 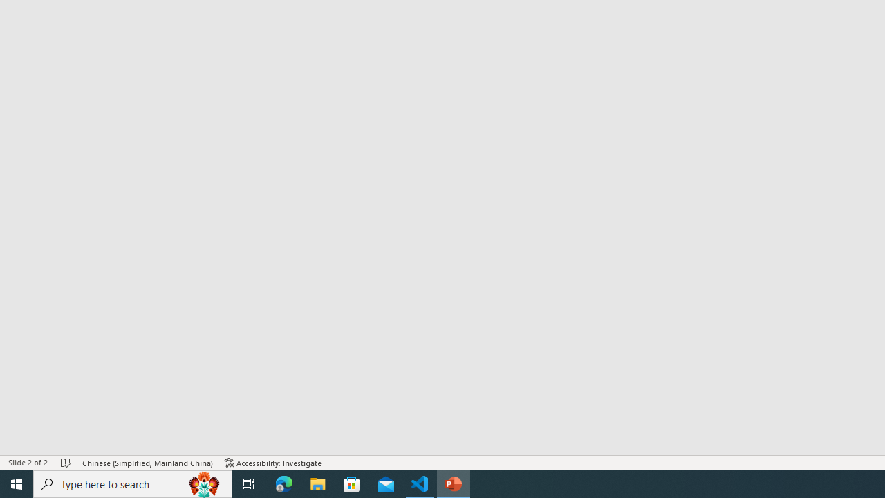 I want to click on 'Spell Check No Errors', so click(x=66, y=463).